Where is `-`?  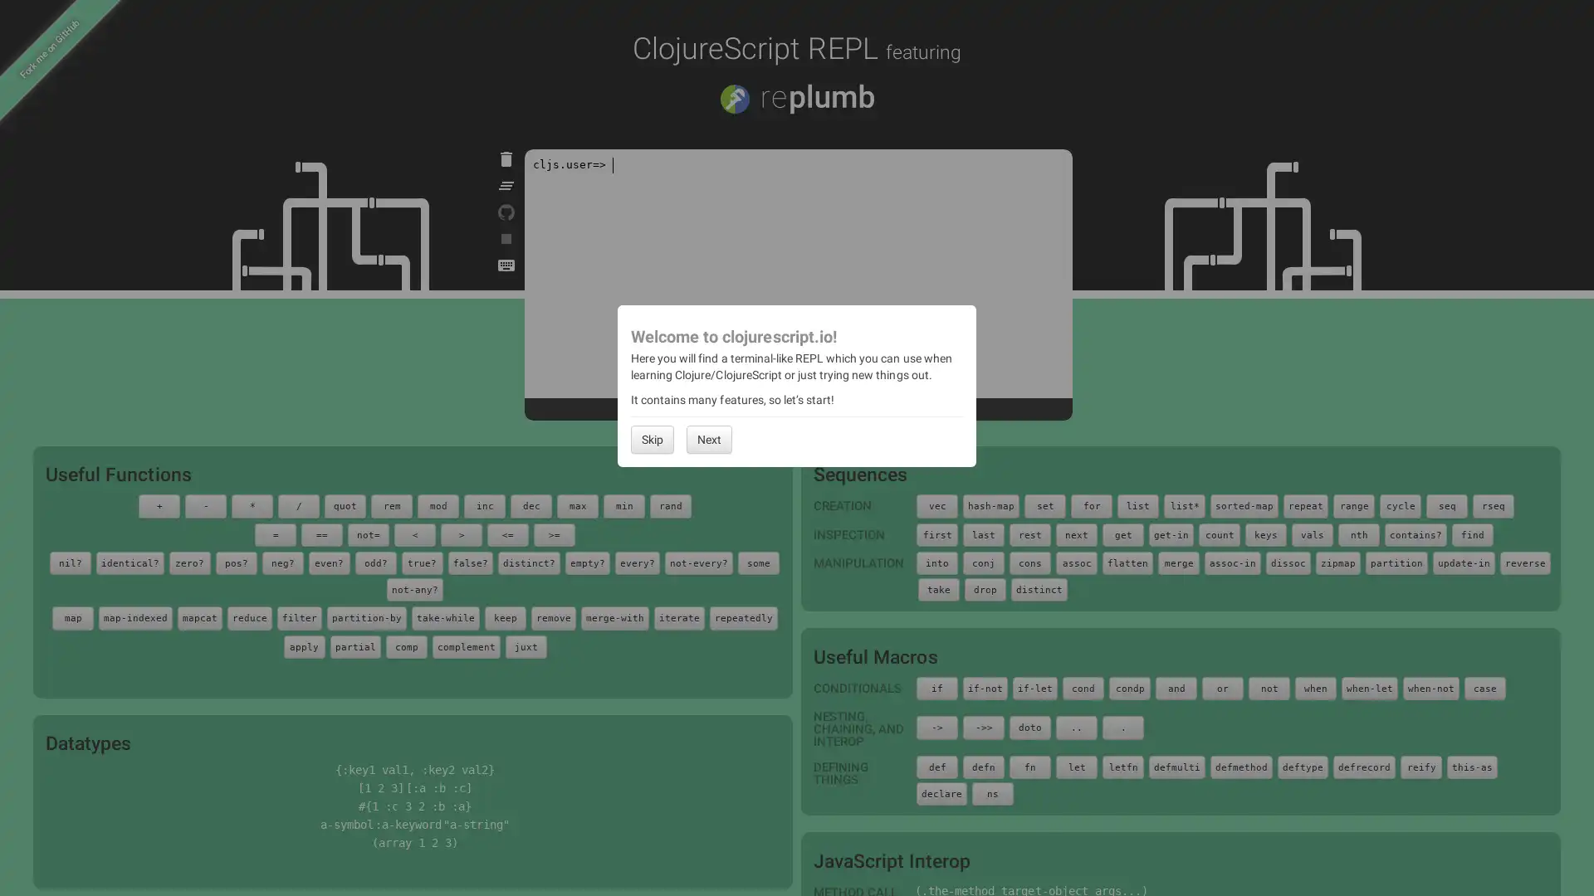
- is located at coordinates (205, 504).